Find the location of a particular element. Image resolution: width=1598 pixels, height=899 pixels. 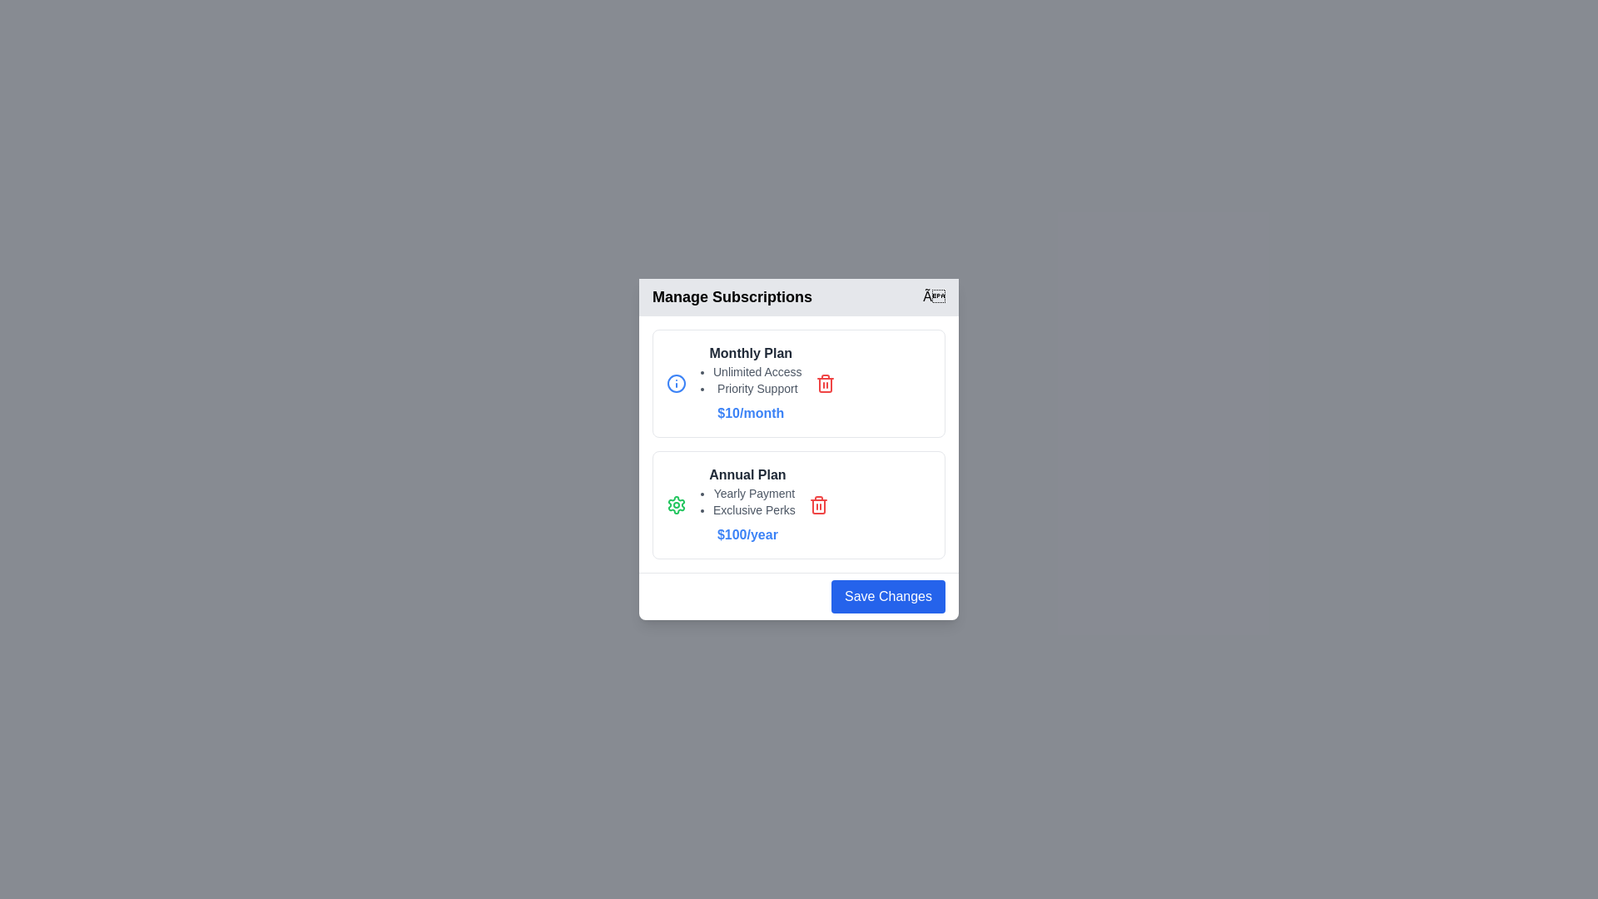

the trash icon corresponding to the Monthly Plan plan to delete it is located at coordinates (825, 384).